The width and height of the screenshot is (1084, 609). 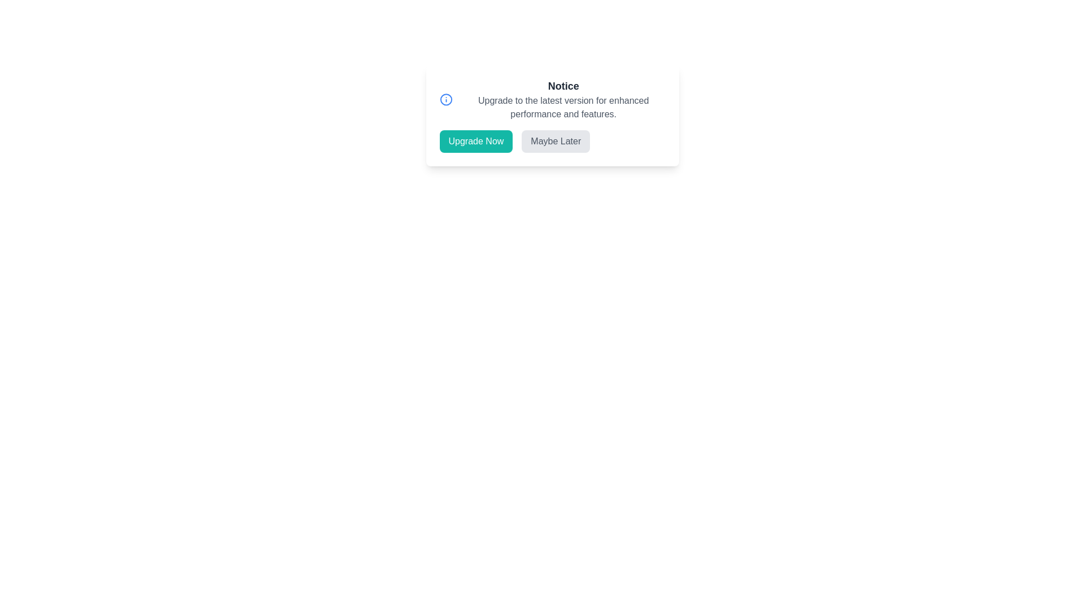 I want to click on the option selection button located directly to the right of the 'Upgrade Now' button, so click(x=556, y=140).